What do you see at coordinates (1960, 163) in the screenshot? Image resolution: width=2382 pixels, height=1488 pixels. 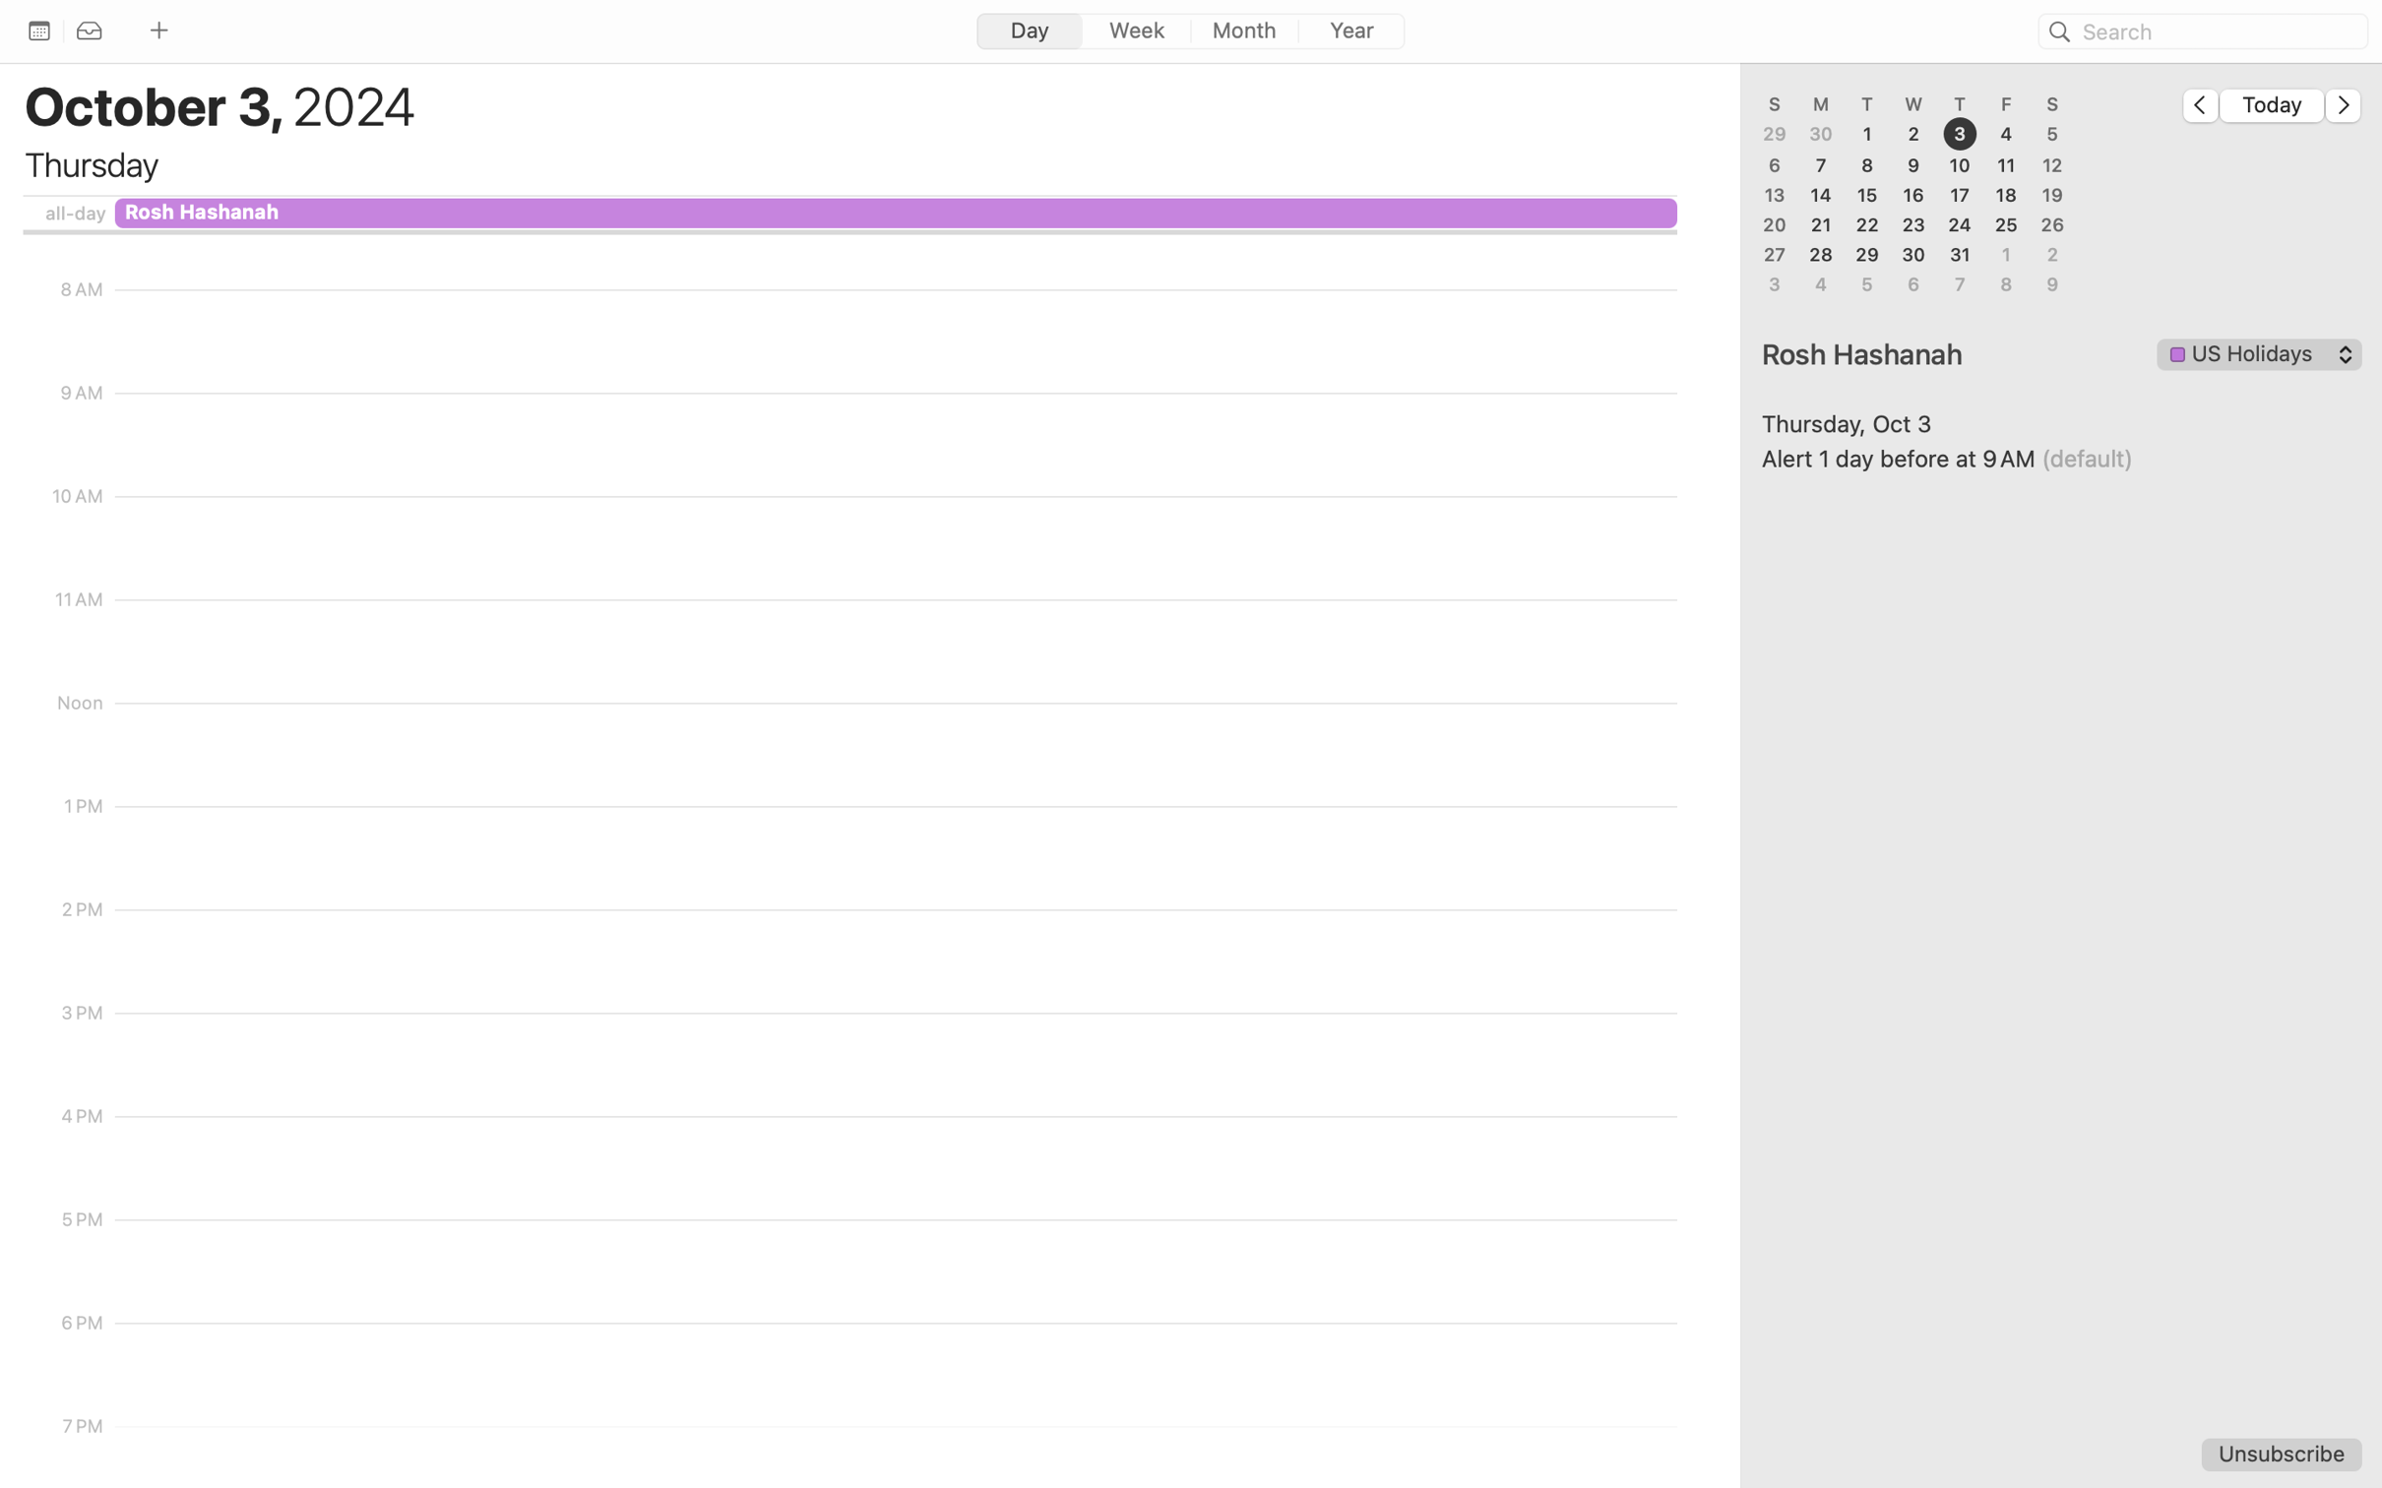 I see `'10'` at bounding box center [1960, 163].